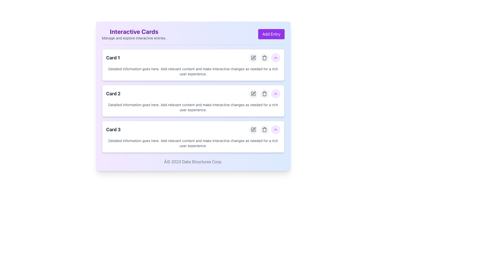 This screenshot has width=487, height=273. What do you see at coordinates (113, 94) in the screenshot?
I see `text from the text label displaying 'Card 2', which is a bold, large font in dark gray color, positioned prominently against a lighter background in the second card component` at bounding box center [113, 94].